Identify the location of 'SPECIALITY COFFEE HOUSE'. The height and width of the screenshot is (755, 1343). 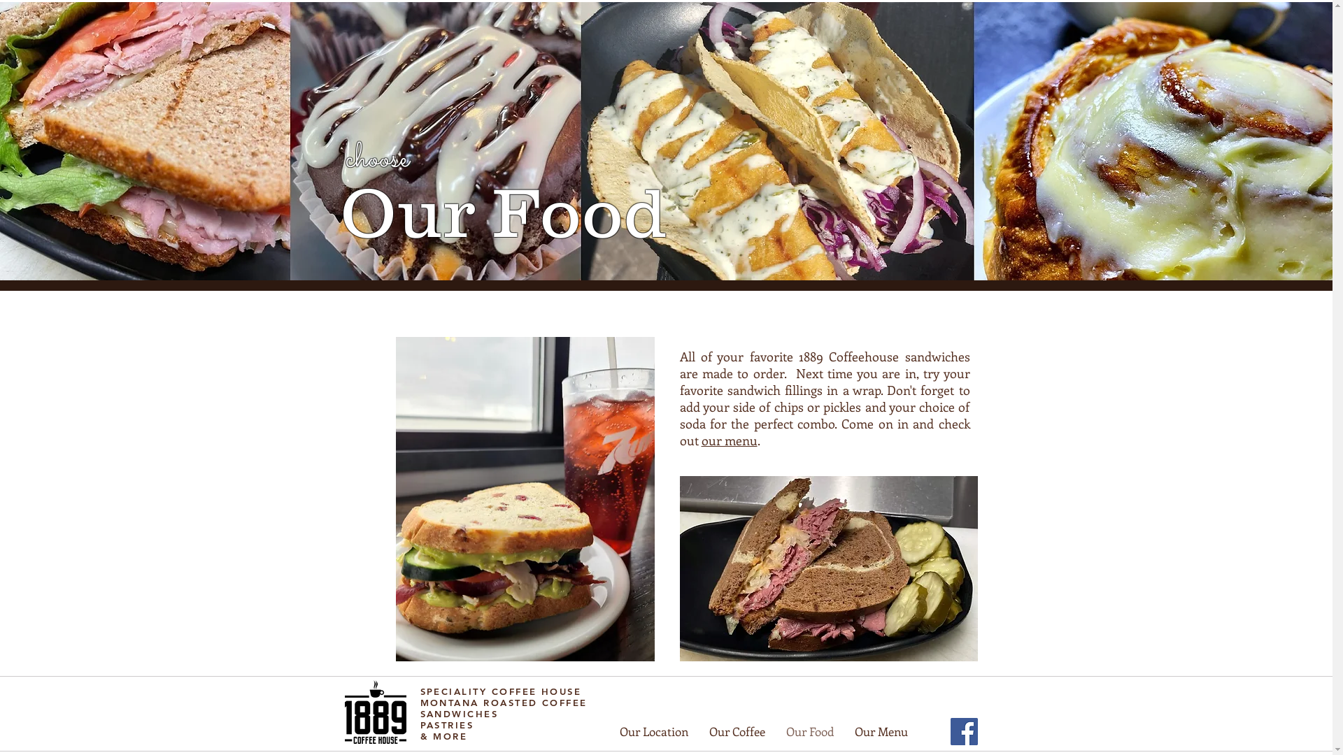
(500, 690).